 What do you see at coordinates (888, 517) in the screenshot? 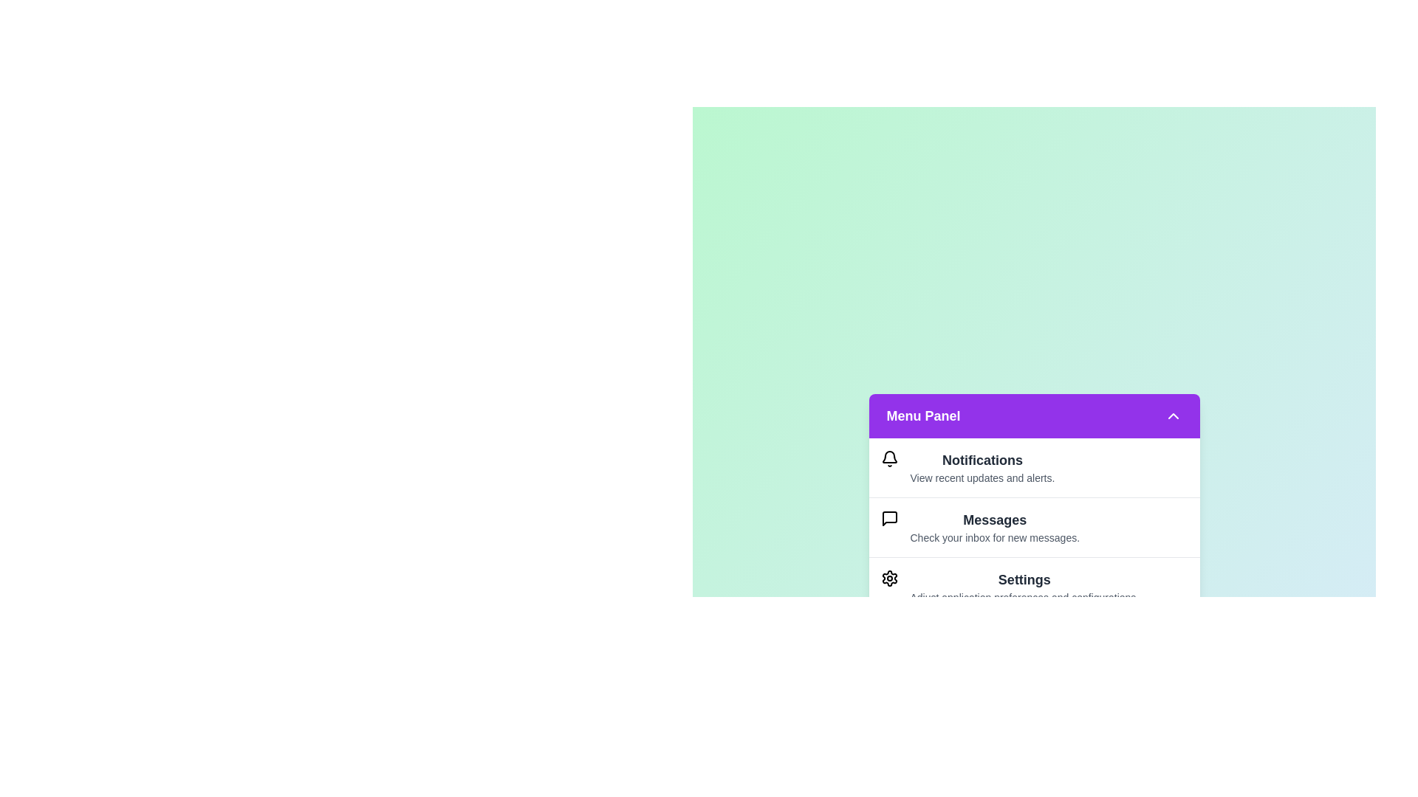
I see `the icon of the menu item Messages` at bounding box center [888, 517].